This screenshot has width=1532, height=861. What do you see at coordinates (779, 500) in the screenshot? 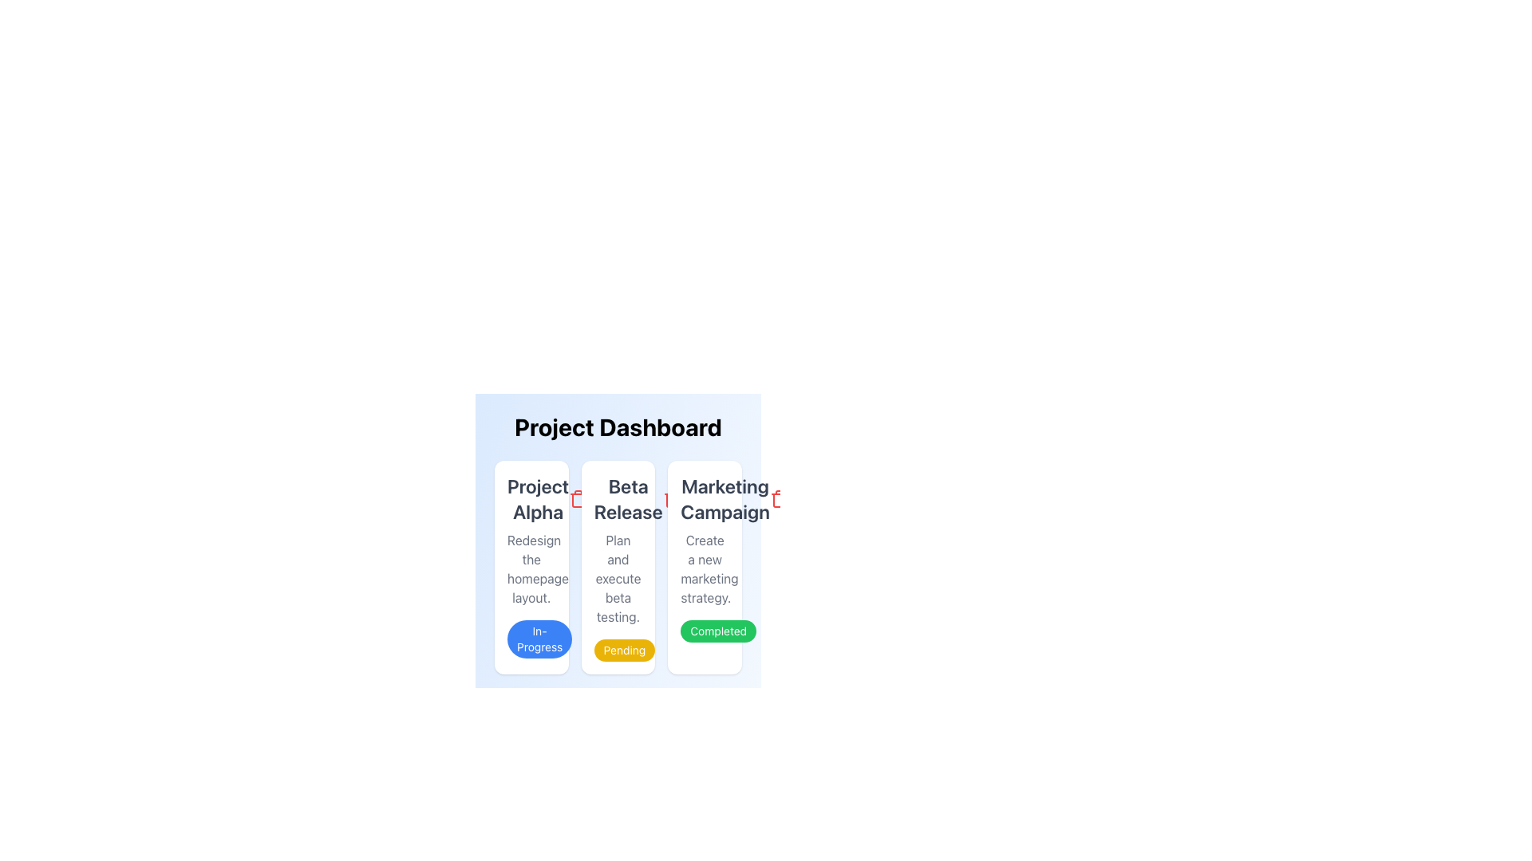
I see `the delete icon located at the top right corner of the 'Marketing Campaign' card, next to the 'Completed' label` at bounding box center [779, 500].